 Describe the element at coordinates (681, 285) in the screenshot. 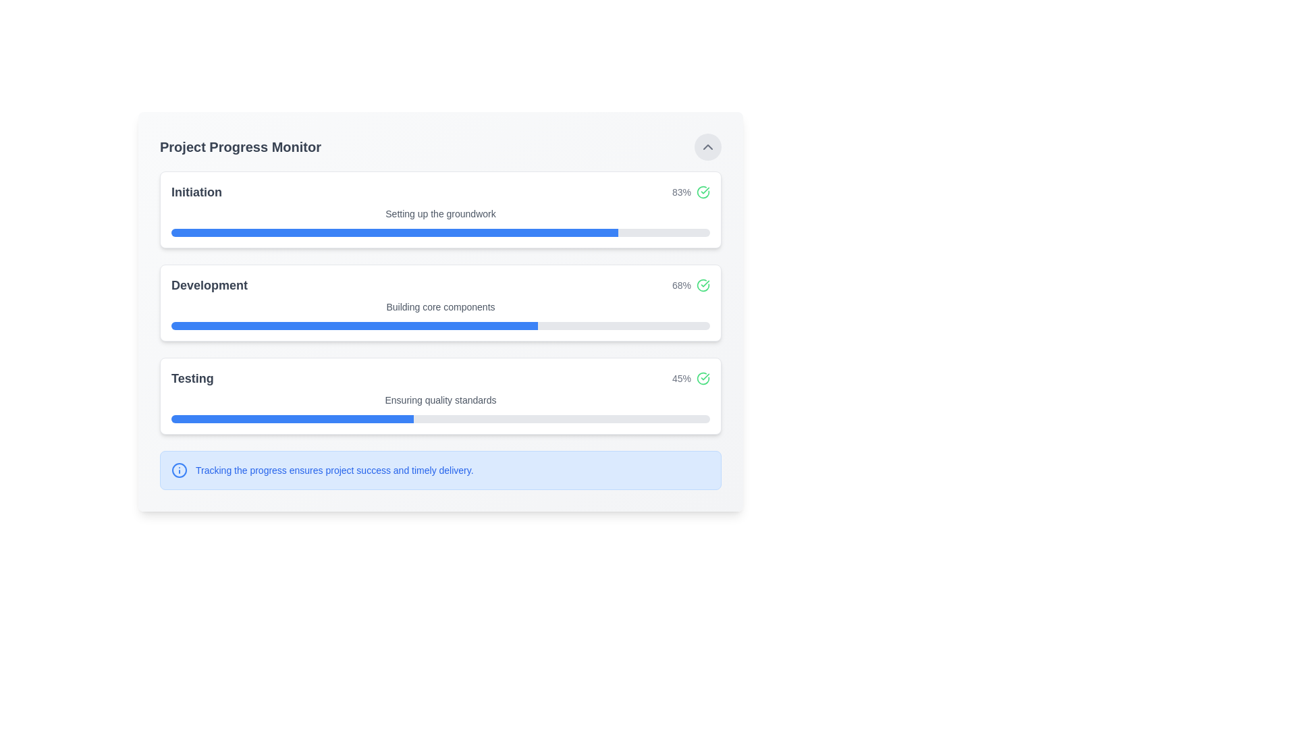

I see `progress percentage displayed in the 'Development' section of the 'Project Progress Monitor' interface, located to the left of the green check mark icon and above the progress bar` at that location.